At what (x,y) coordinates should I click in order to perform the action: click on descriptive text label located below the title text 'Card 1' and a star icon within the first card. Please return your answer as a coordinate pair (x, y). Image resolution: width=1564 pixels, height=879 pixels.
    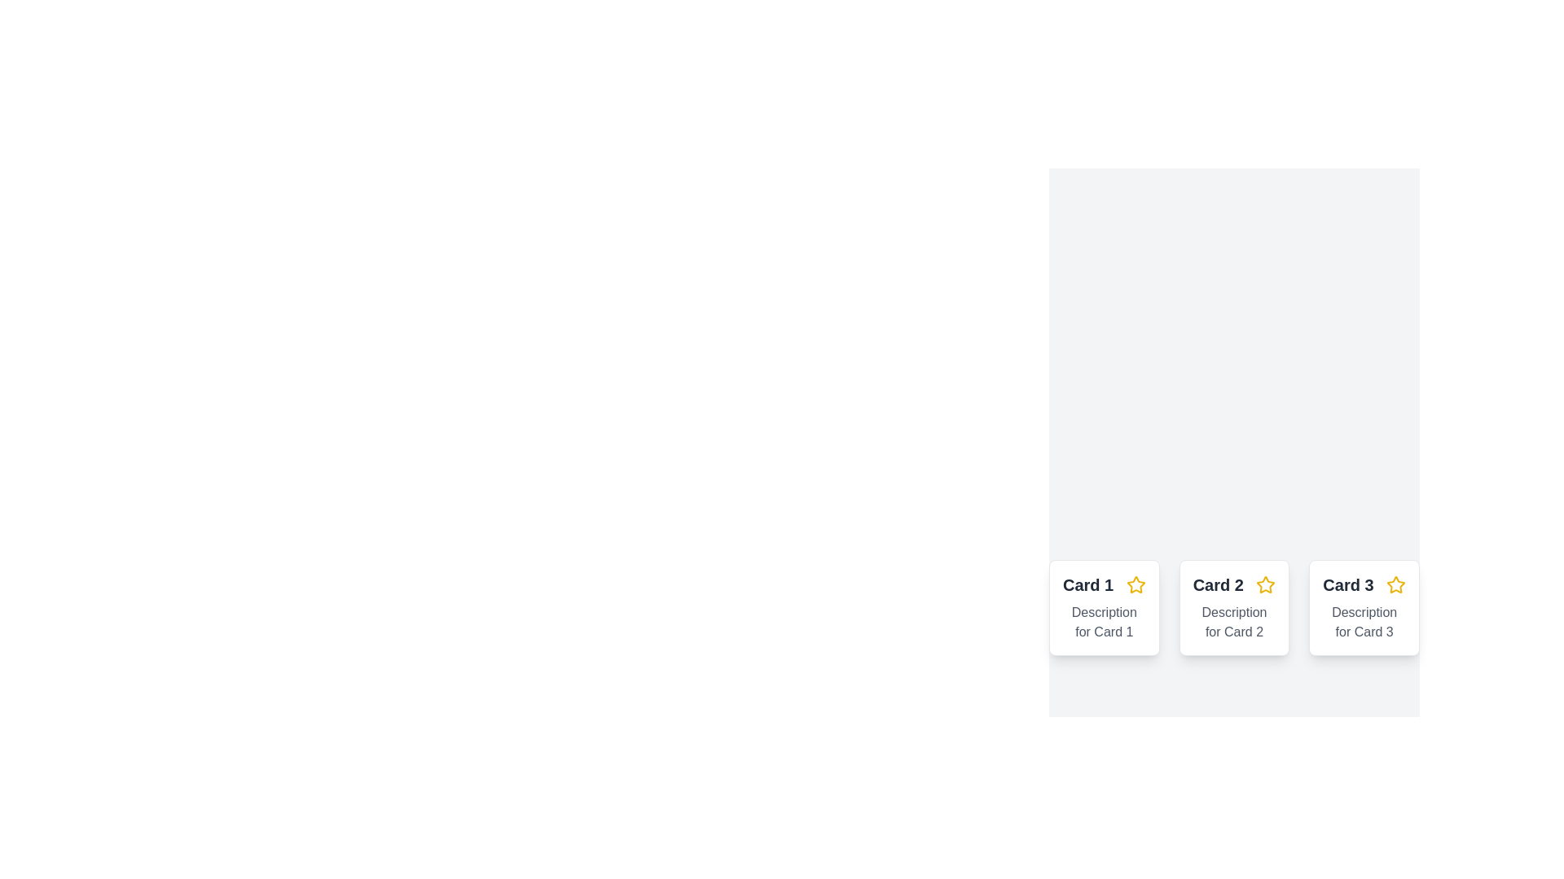
    Looking at the image, I should click on (1104, 622).